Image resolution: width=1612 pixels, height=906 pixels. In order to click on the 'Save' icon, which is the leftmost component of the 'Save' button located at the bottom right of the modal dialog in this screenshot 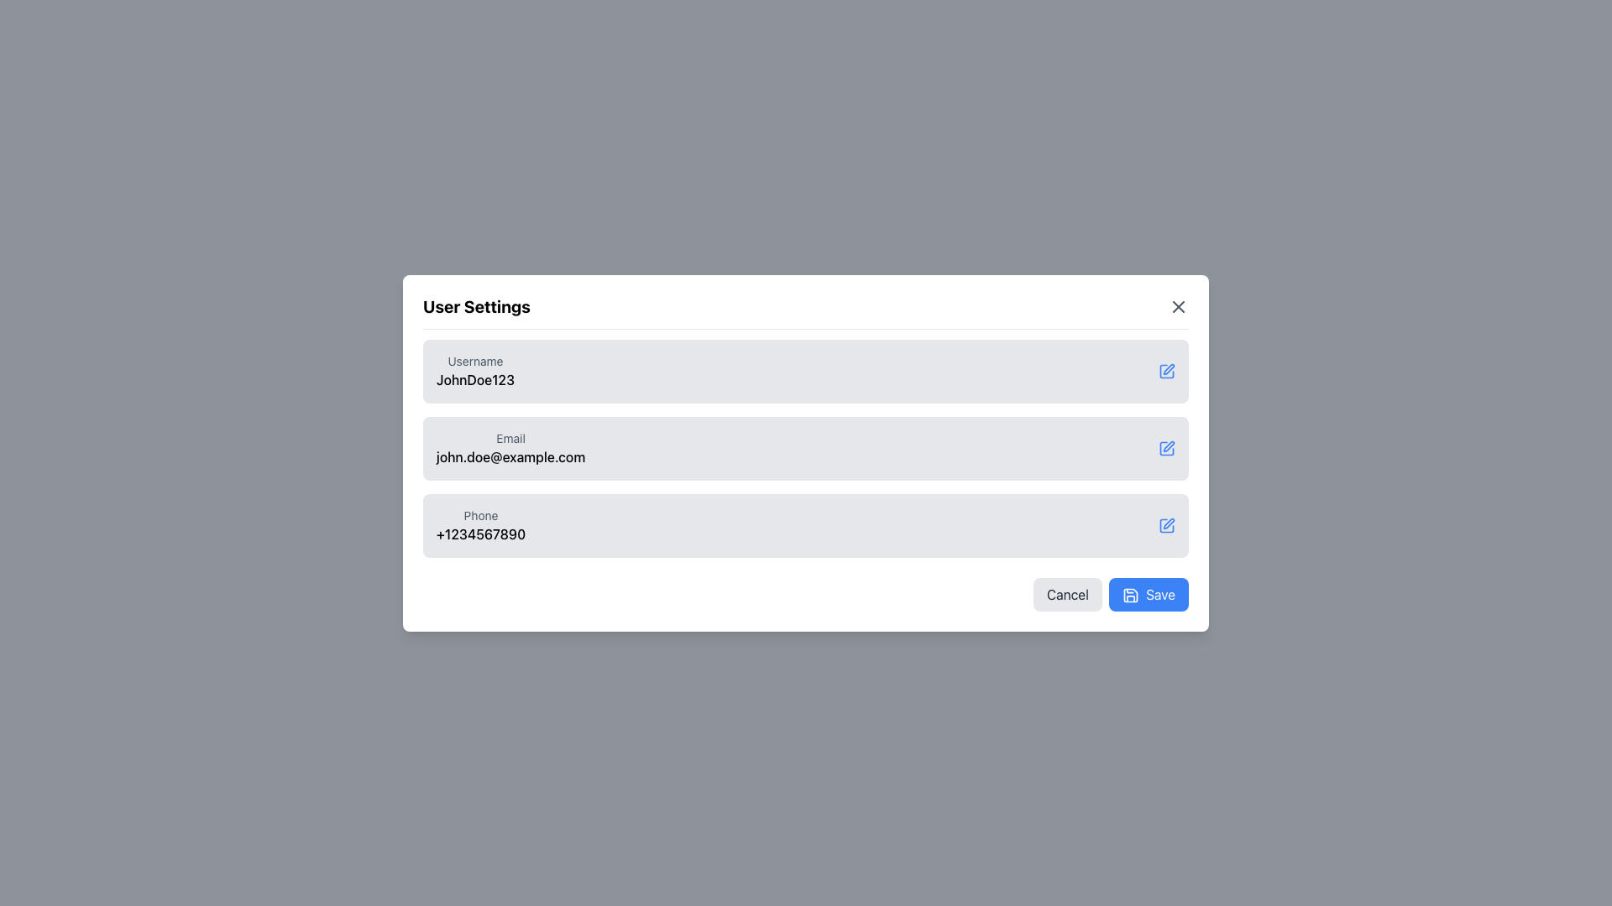, I will do `click(1130, 595)`.